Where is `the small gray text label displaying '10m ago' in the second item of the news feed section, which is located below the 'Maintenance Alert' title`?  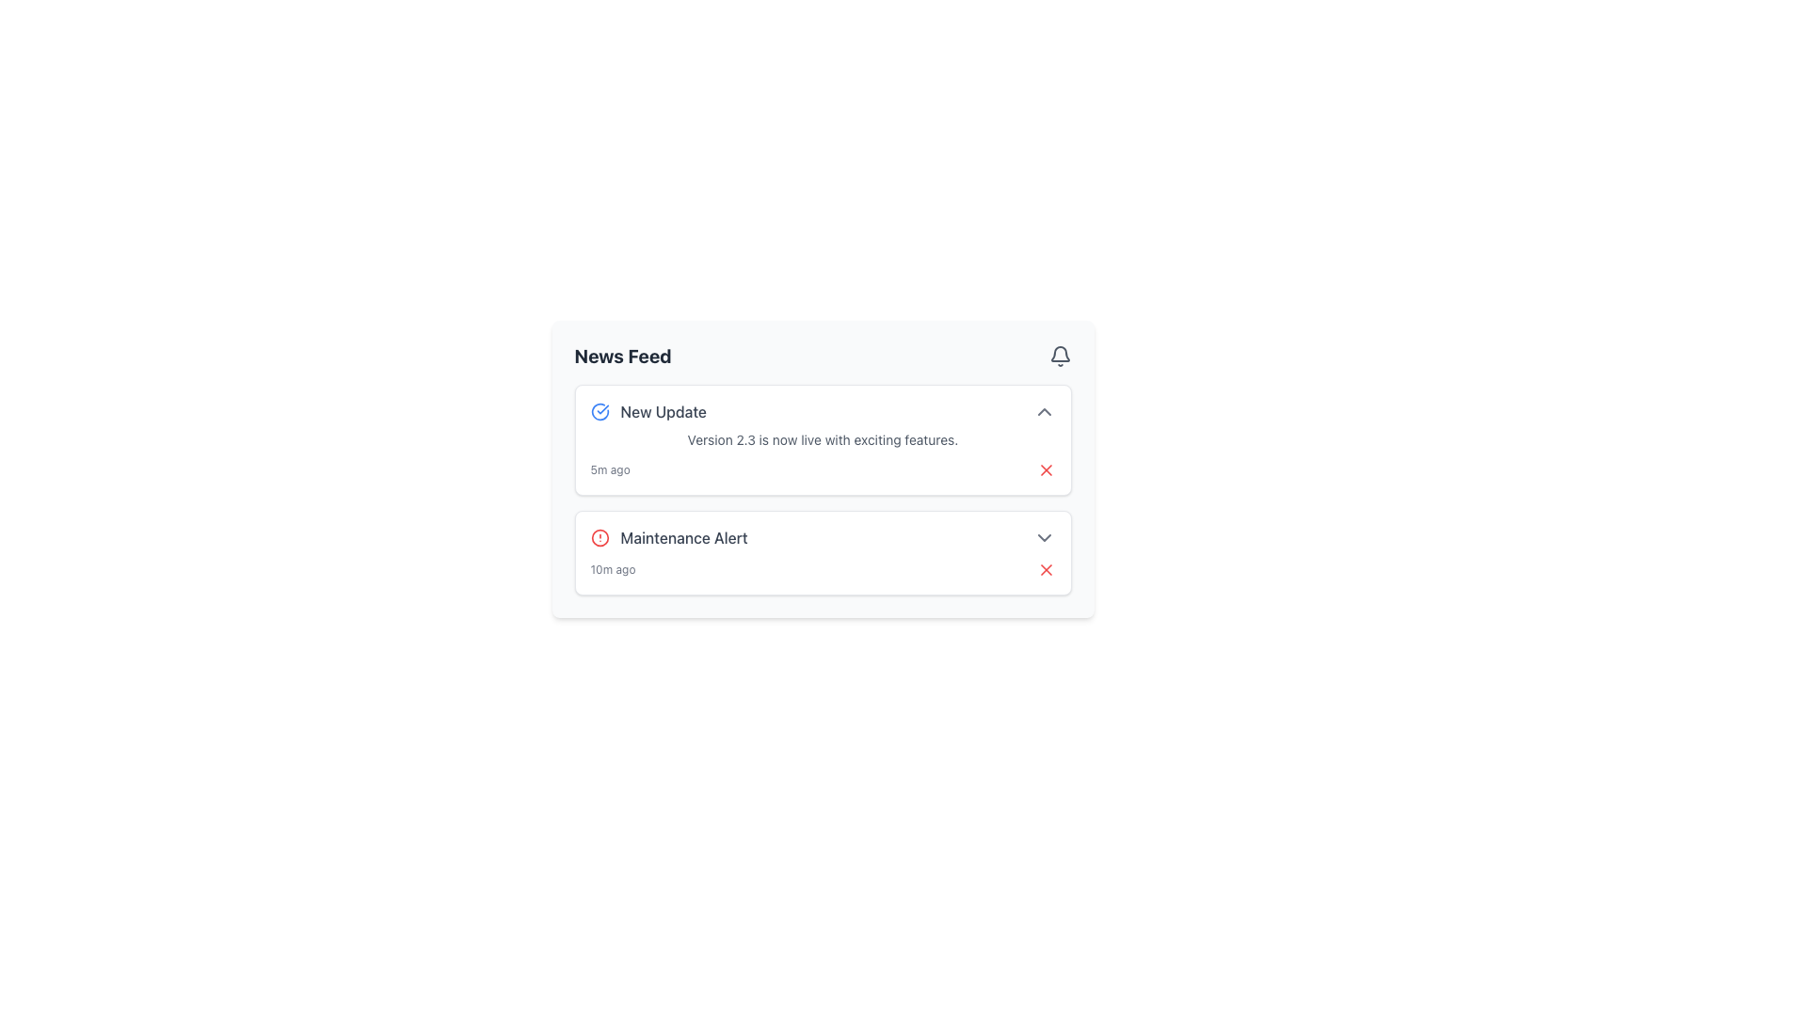
the small gray text label displaying '10m ago' in the second item of the news feed section, which is located below the 'Maintenance Alert' title is located at coordinates (613, 568).